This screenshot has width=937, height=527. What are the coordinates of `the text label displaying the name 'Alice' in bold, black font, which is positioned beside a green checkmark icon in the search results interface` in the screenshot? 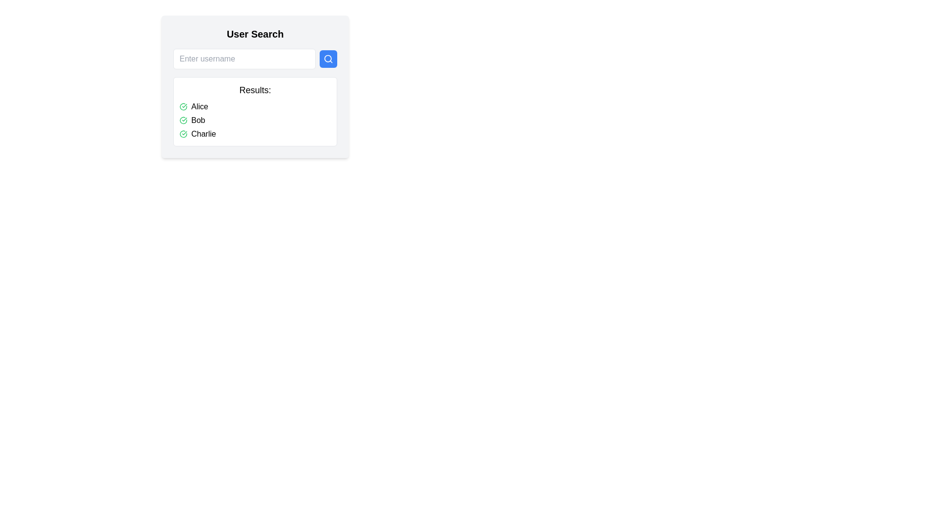 It's located at (199, 107).